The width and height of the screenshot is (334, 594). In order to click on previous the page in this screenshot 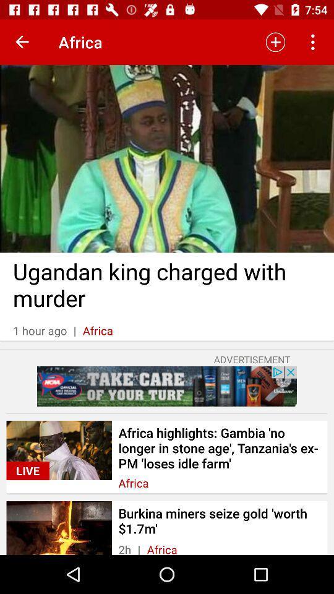, I will do `click(22, 42)`.